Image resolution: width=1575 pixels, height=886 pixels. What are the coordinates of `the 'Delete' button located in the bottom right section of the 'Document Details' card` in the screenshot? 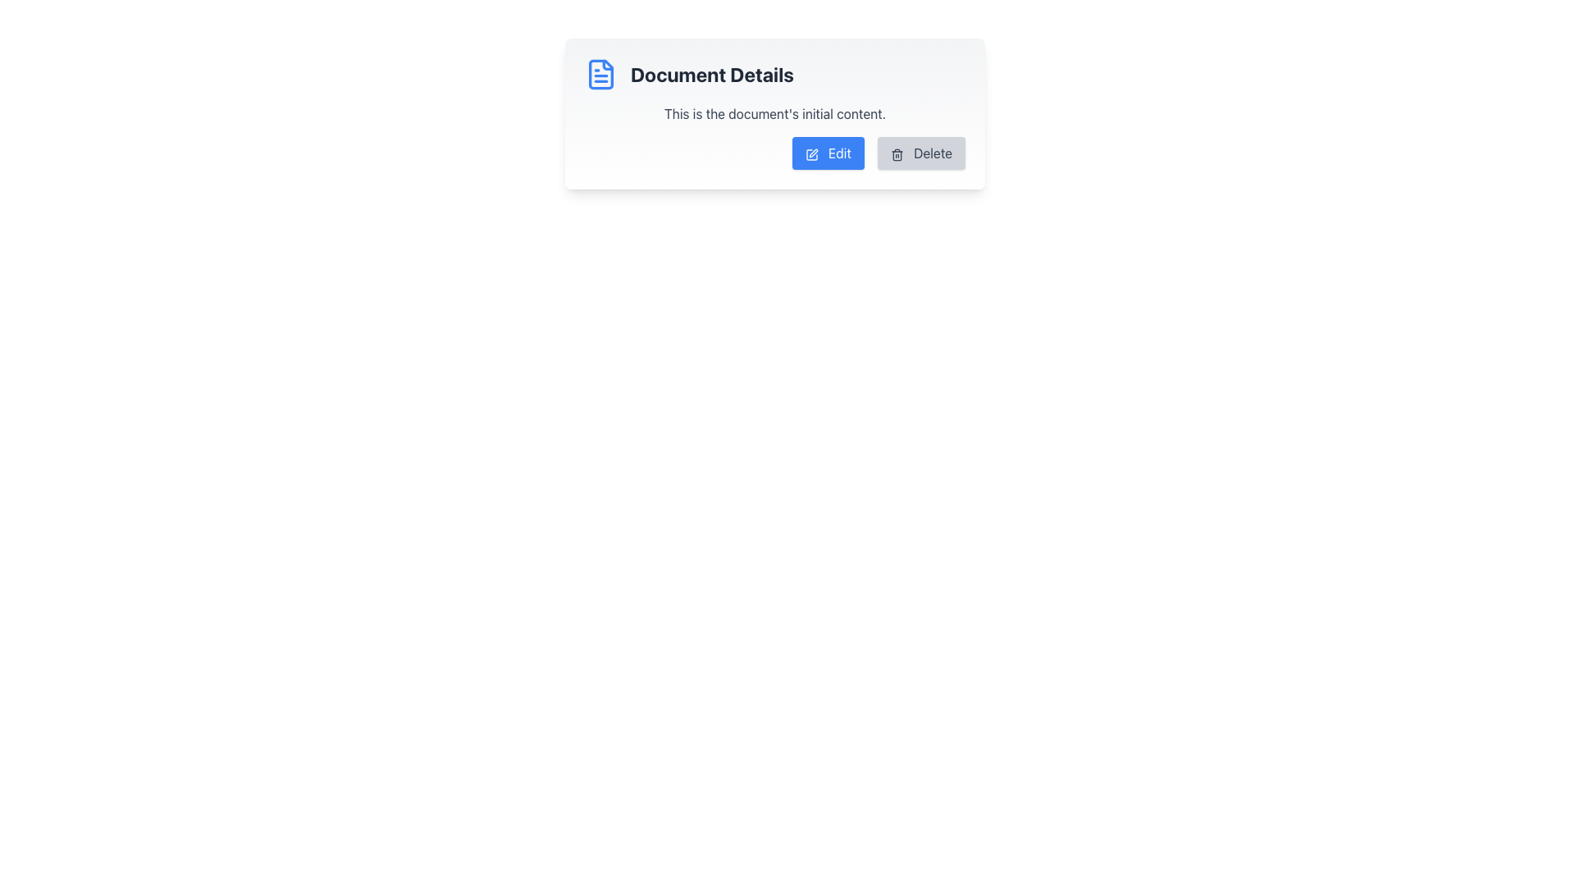 It's located at (921, 153).